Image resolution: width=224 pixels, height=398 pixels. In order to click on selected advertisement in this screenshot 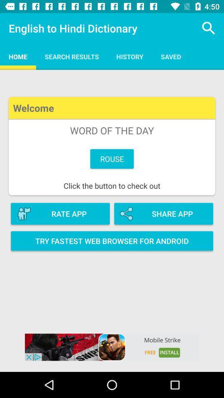, I will do `click(112, 347)`.